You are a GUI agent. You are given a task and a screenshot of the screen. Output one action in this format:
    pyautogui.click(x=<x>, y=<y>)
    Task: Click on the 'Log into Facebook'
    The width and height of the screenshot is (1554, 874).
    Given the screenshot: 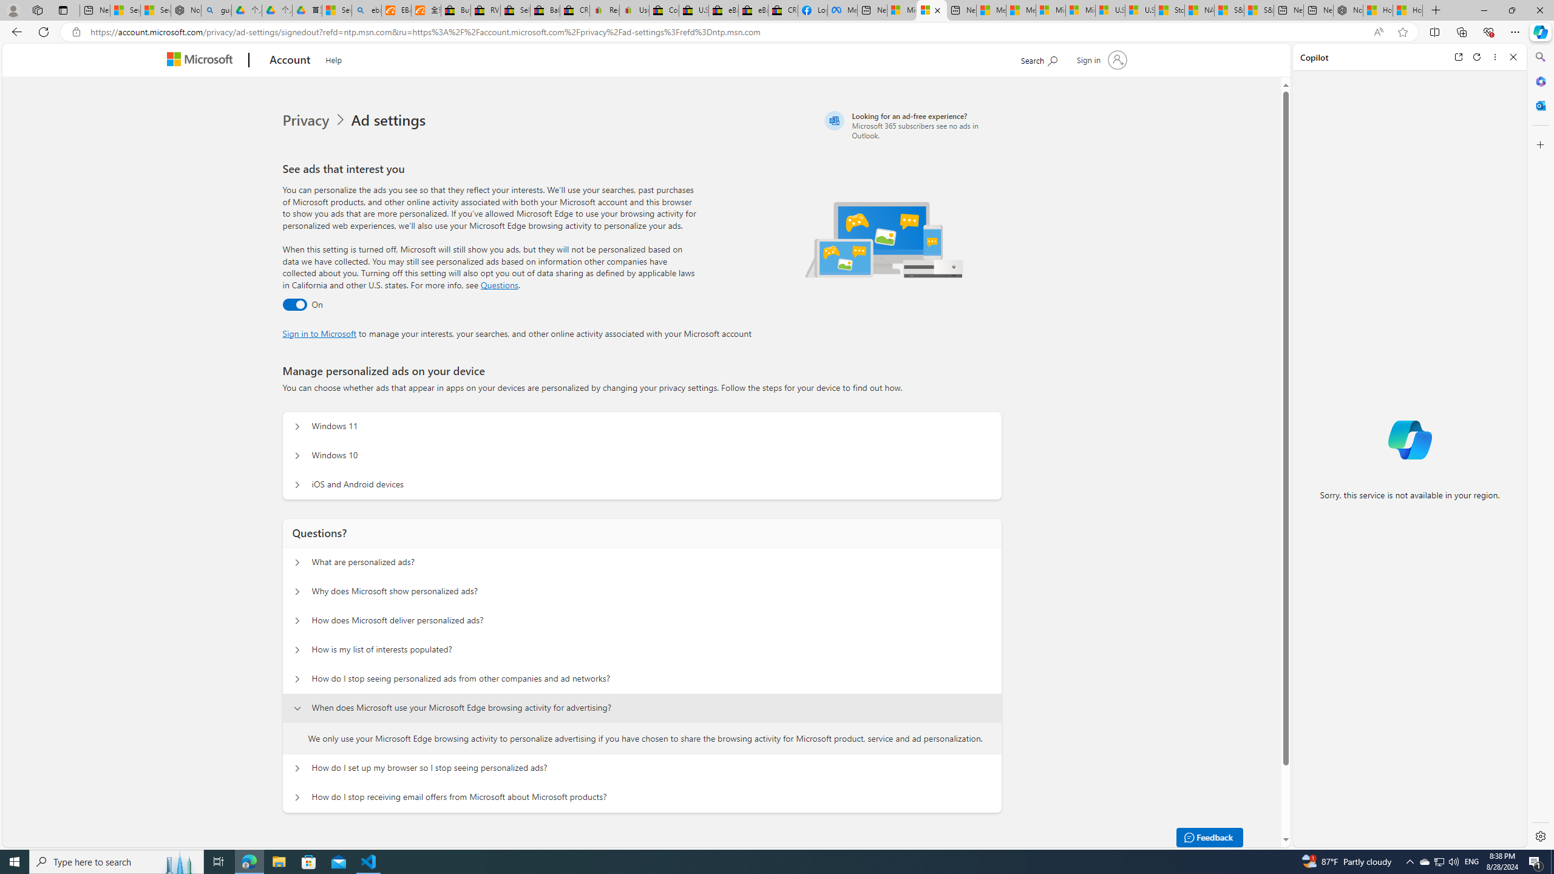 What is the action you would take?
    pyautogui.click(x=812, y=10)
    